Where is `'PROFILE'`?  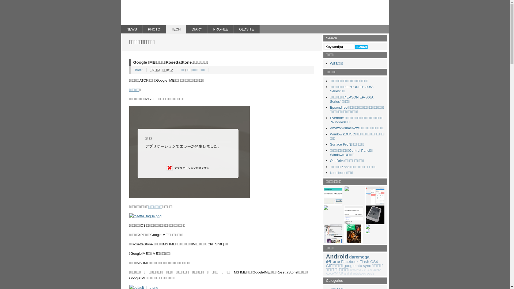
'PROFILE' is located at coordinates (207, 29).